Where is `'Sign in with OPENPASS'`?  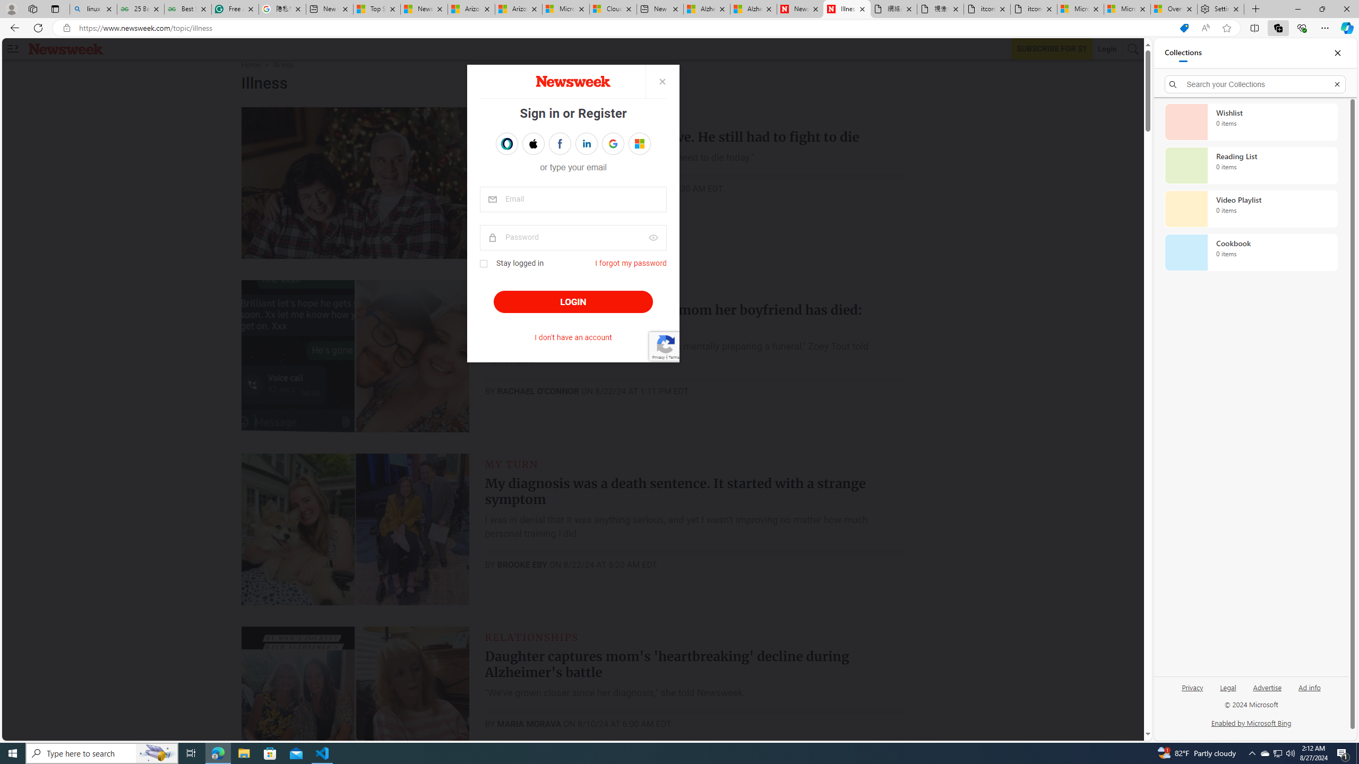 'Sign in with OPENPASS' is located at coordinates (506, 144).